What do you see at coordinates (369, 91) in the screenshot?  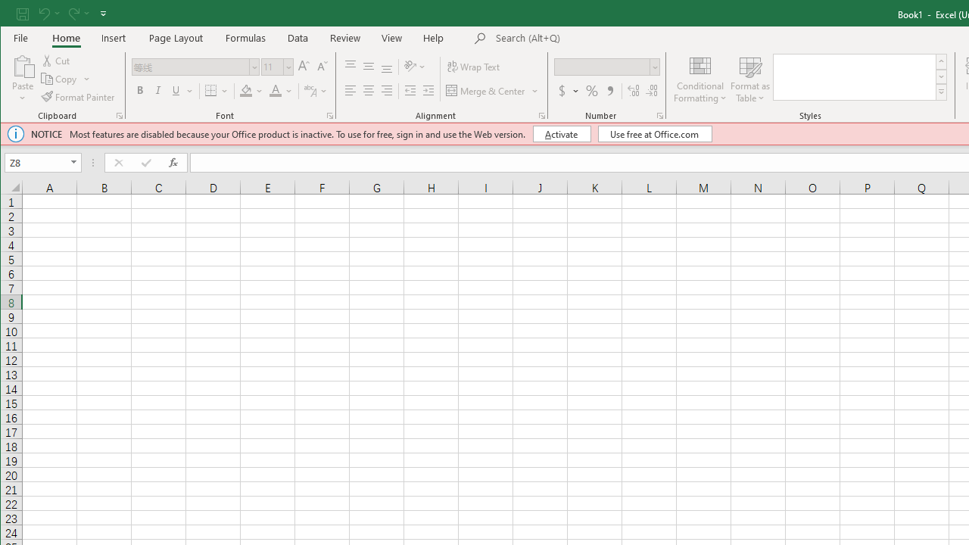 I see `'Center'` at bounding box center [369, 91].